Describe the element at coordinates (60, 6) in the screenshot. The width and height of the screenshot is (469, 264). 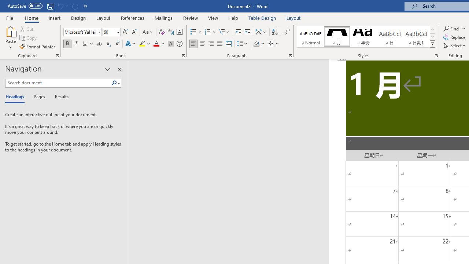
I see `'Can'` at that location.